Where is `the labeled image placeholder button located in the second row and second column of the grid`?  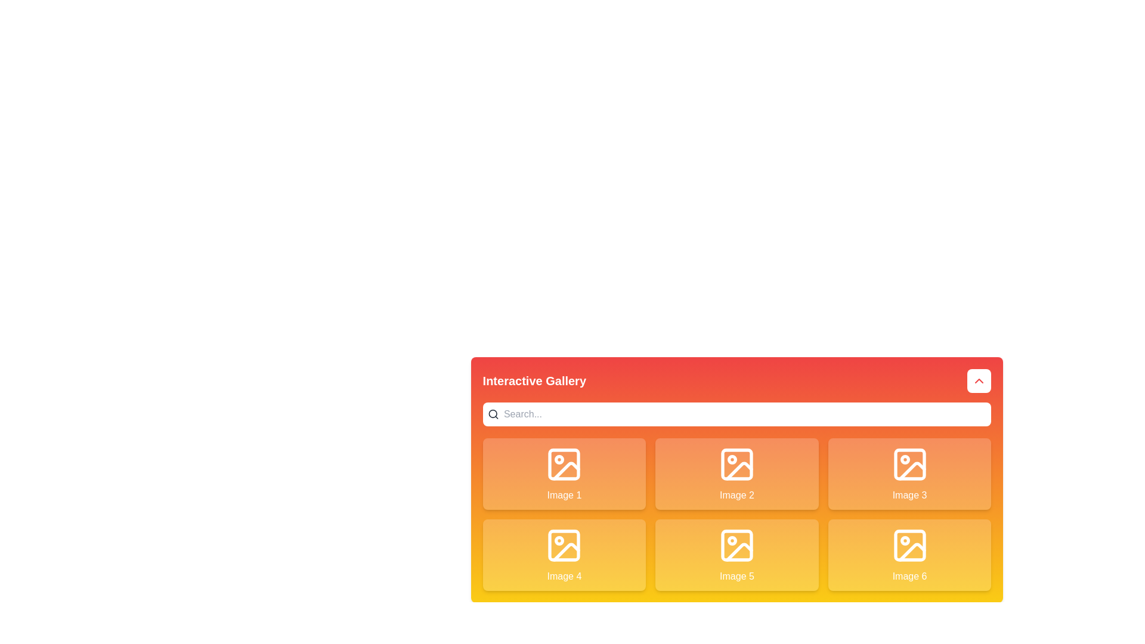
the labeled image placeholder button located in the second row and second column of the grid is located at coordinates (735, 555).